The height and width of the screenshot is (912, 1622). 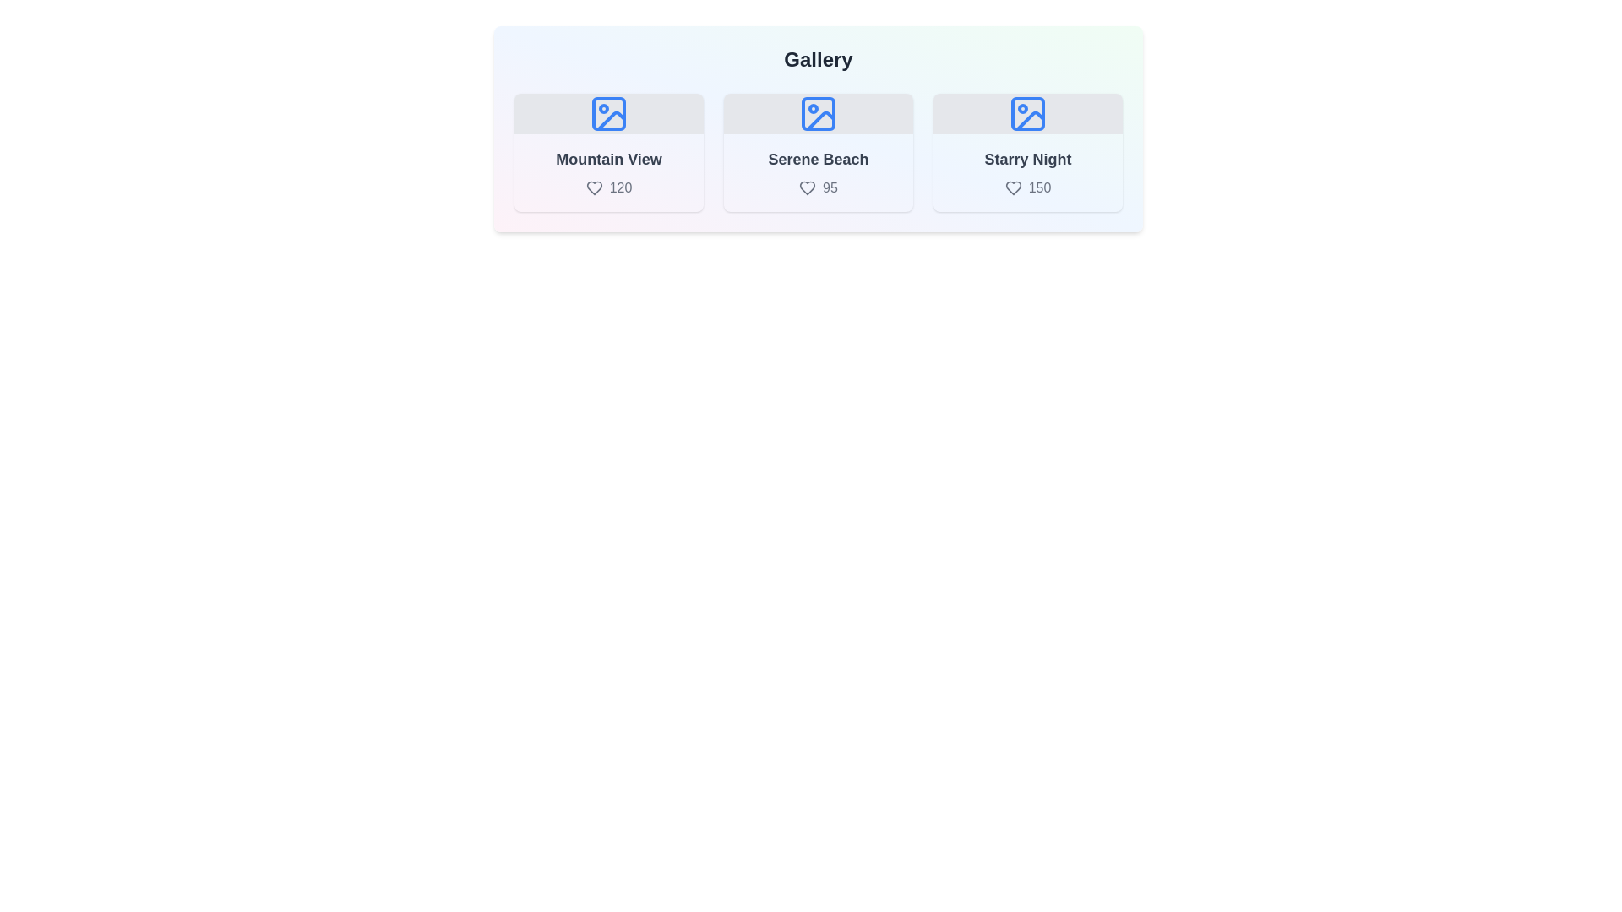 What do you see at coordinates (608, 153) in the screenshot?
I see `the image corresponding to Mountain View` at bounding box center [608, 153].